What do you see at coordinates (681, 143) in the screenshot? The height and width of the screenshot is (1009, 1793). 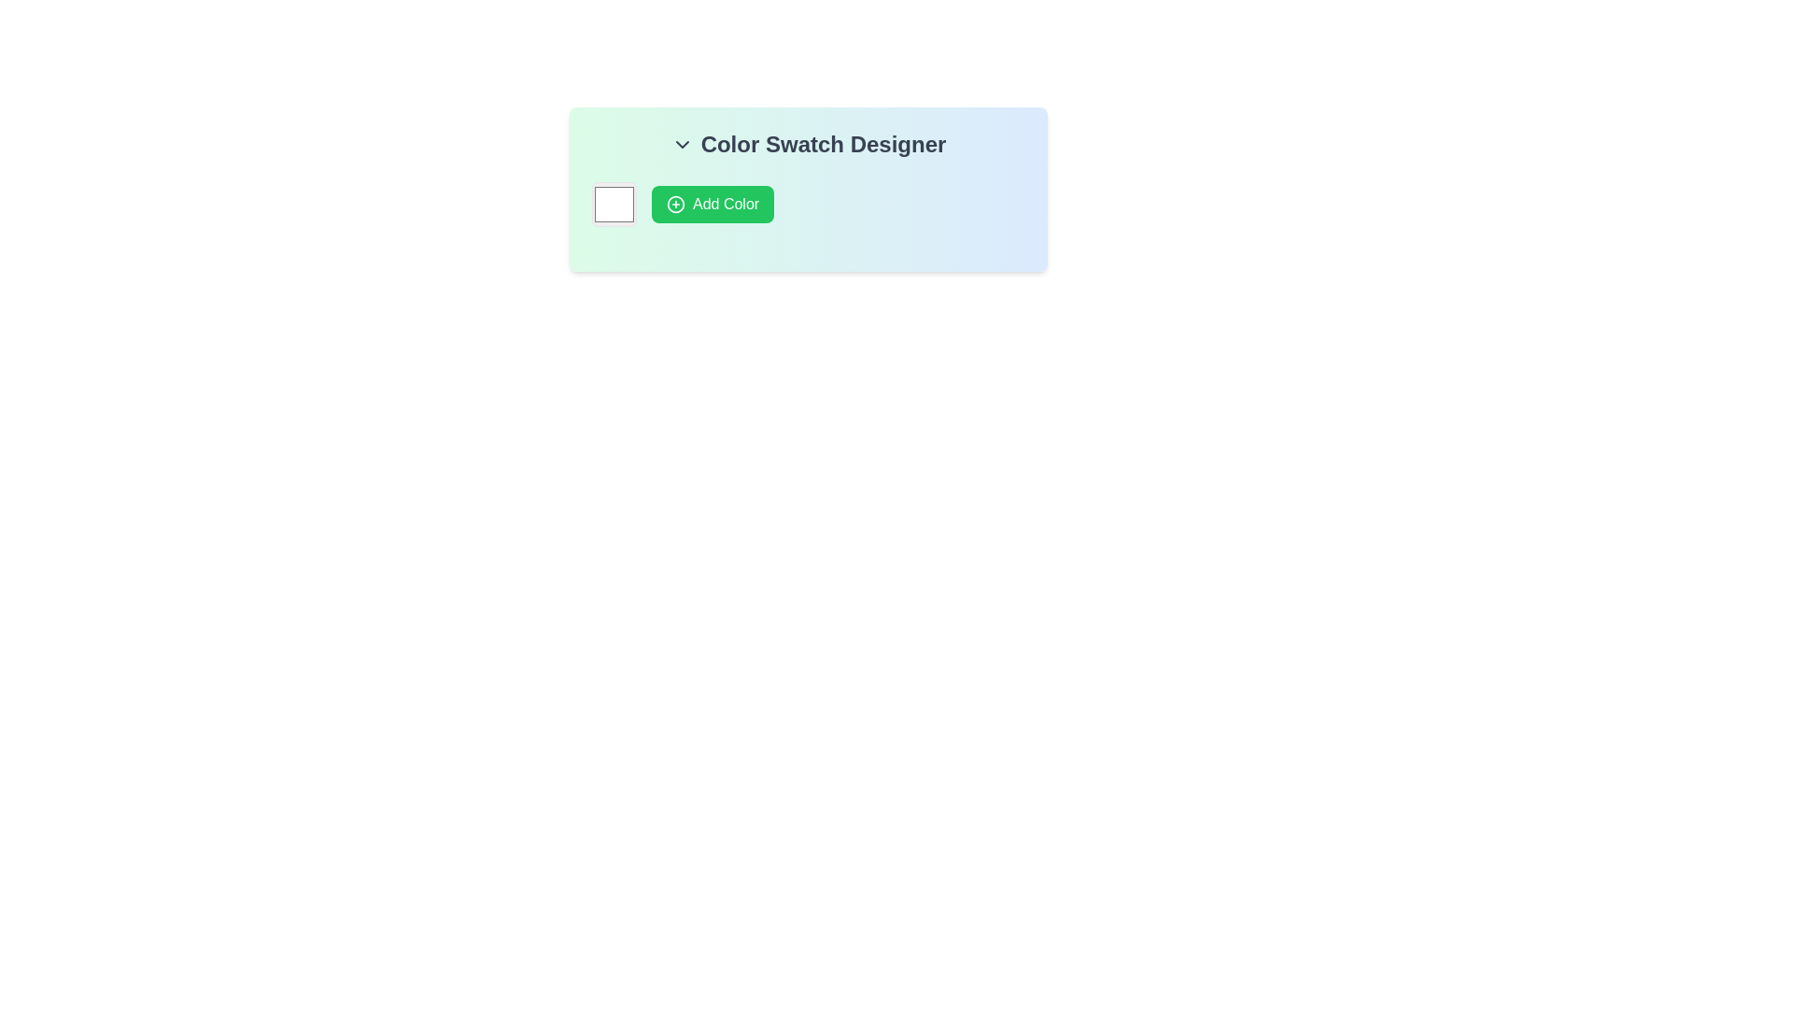 I see `the downward-pointing chevron icon located directly to the left of the text 'Color Swatch Designer'` at bounding box center [681, 143].